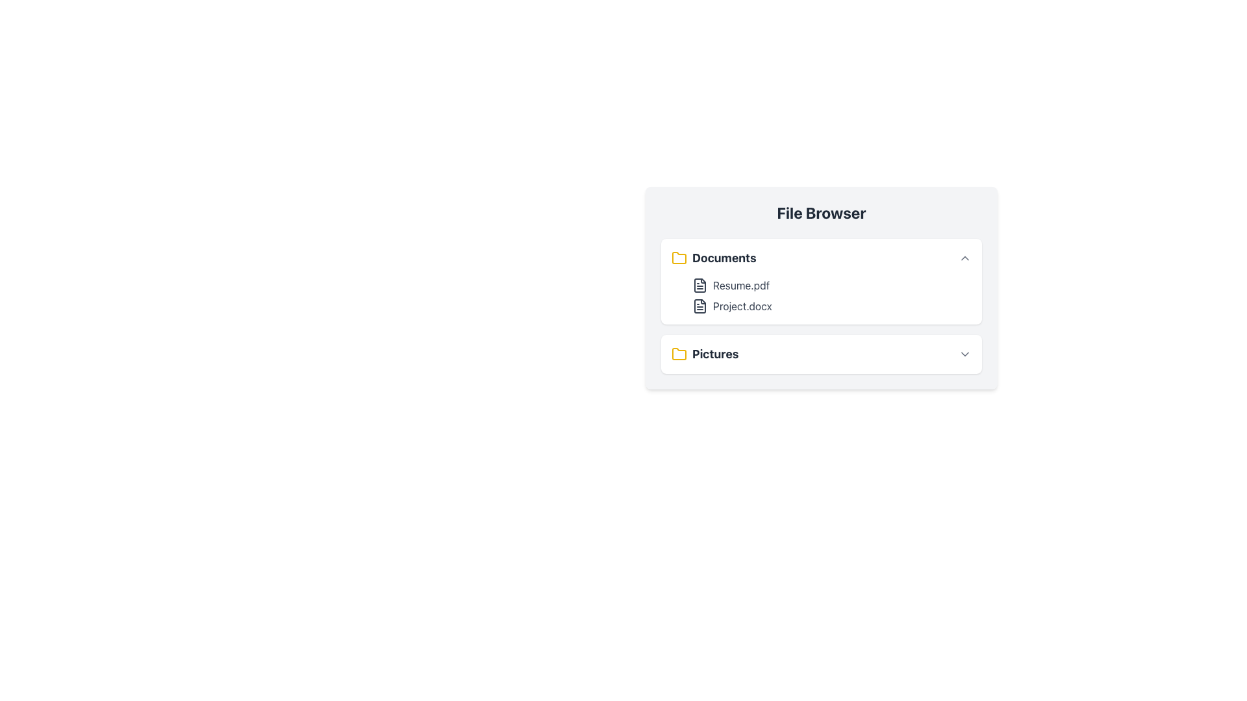 The image size is (1247, 701). What do you see at coordinates (965, 354) in the screenshot?
I see `the downward arrow icon button styled with gray colors, located to the right of the 'Pictures' label, for a visual effect` at bounding box center [965, 354].